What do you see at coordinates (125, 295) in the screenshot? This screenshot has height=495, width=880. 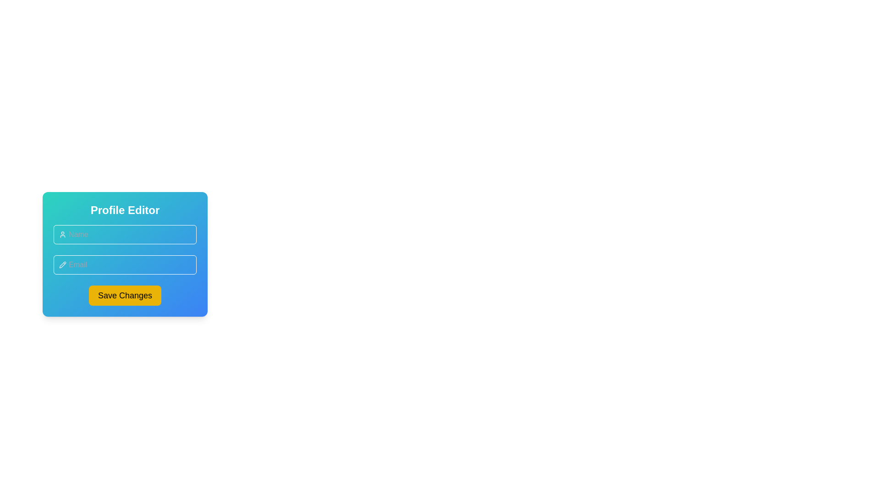 I see `the primary action button located at the bottom of the 'Profile Editor' component` at bounding box center [125, 295].